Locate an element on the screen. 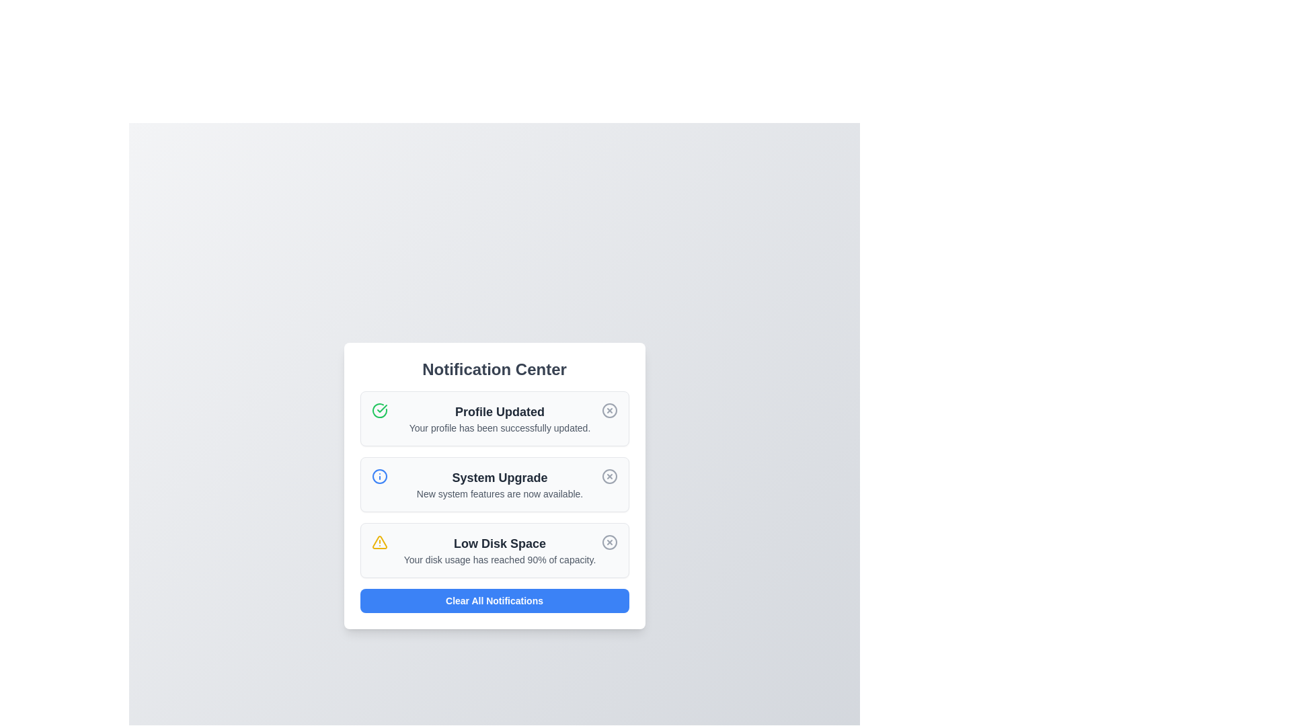  the text element that displays a descriptive message about low disk space, located beneath the title 'Low Disk Space' in the Notification Center panel is located at coordinates (499, 560).